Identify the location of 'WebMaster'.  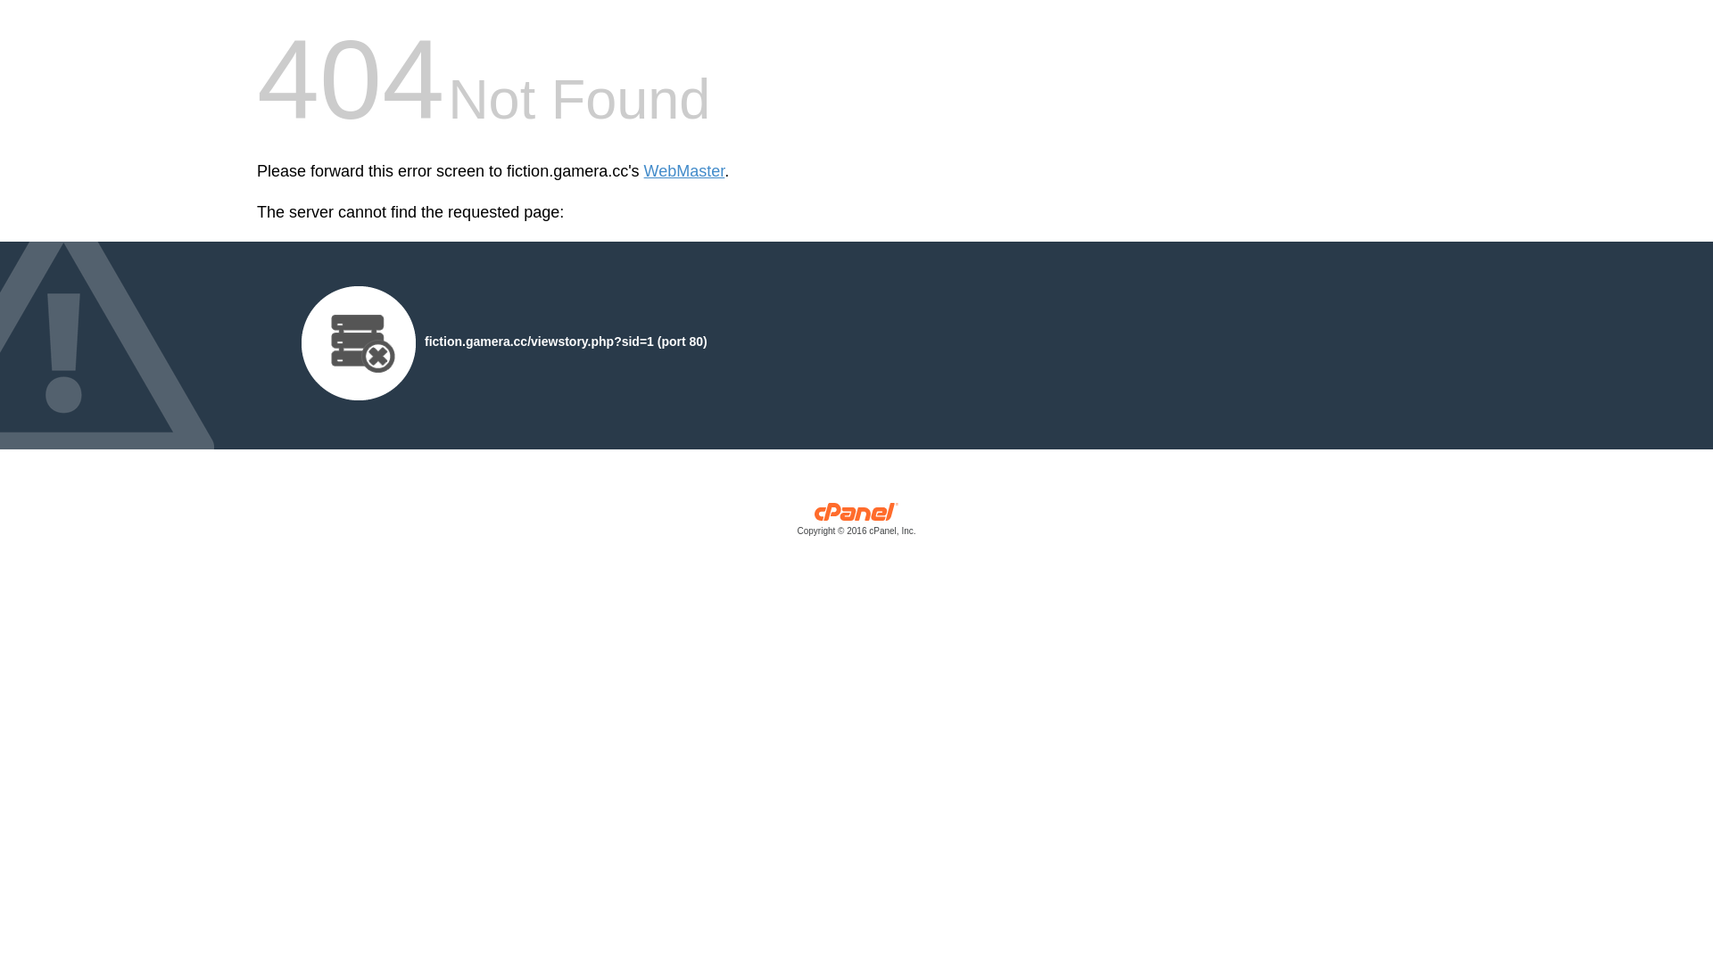
(683, 171).